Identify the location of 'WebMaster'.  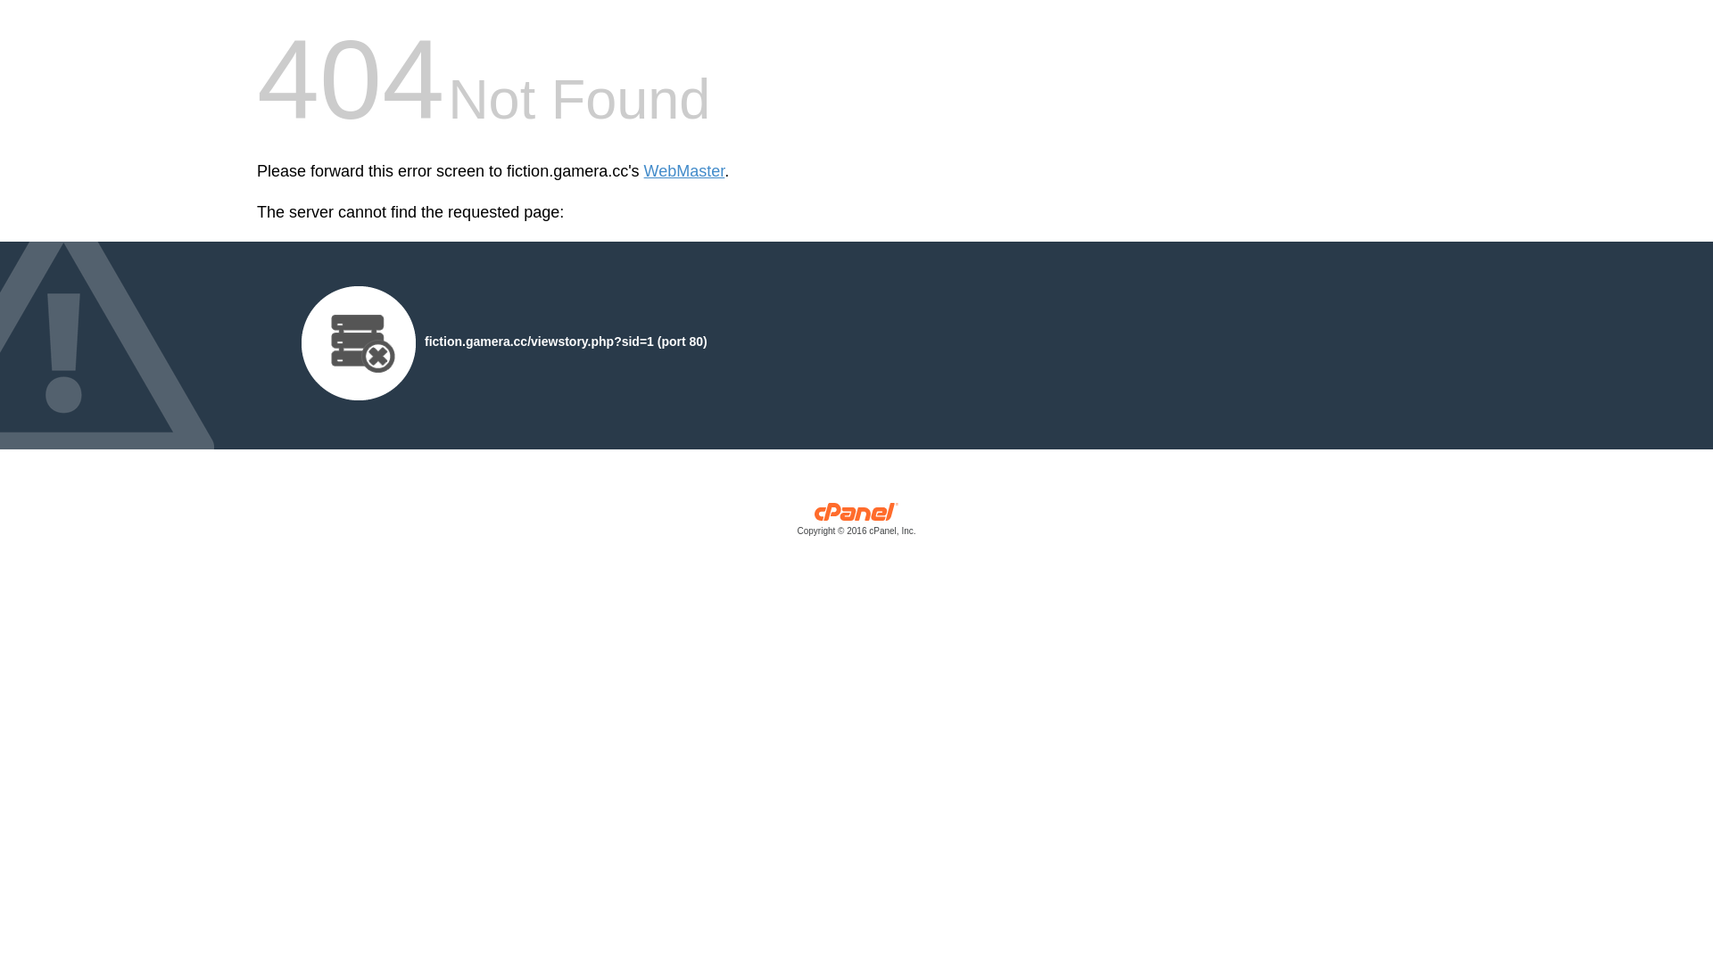
(683, 171).